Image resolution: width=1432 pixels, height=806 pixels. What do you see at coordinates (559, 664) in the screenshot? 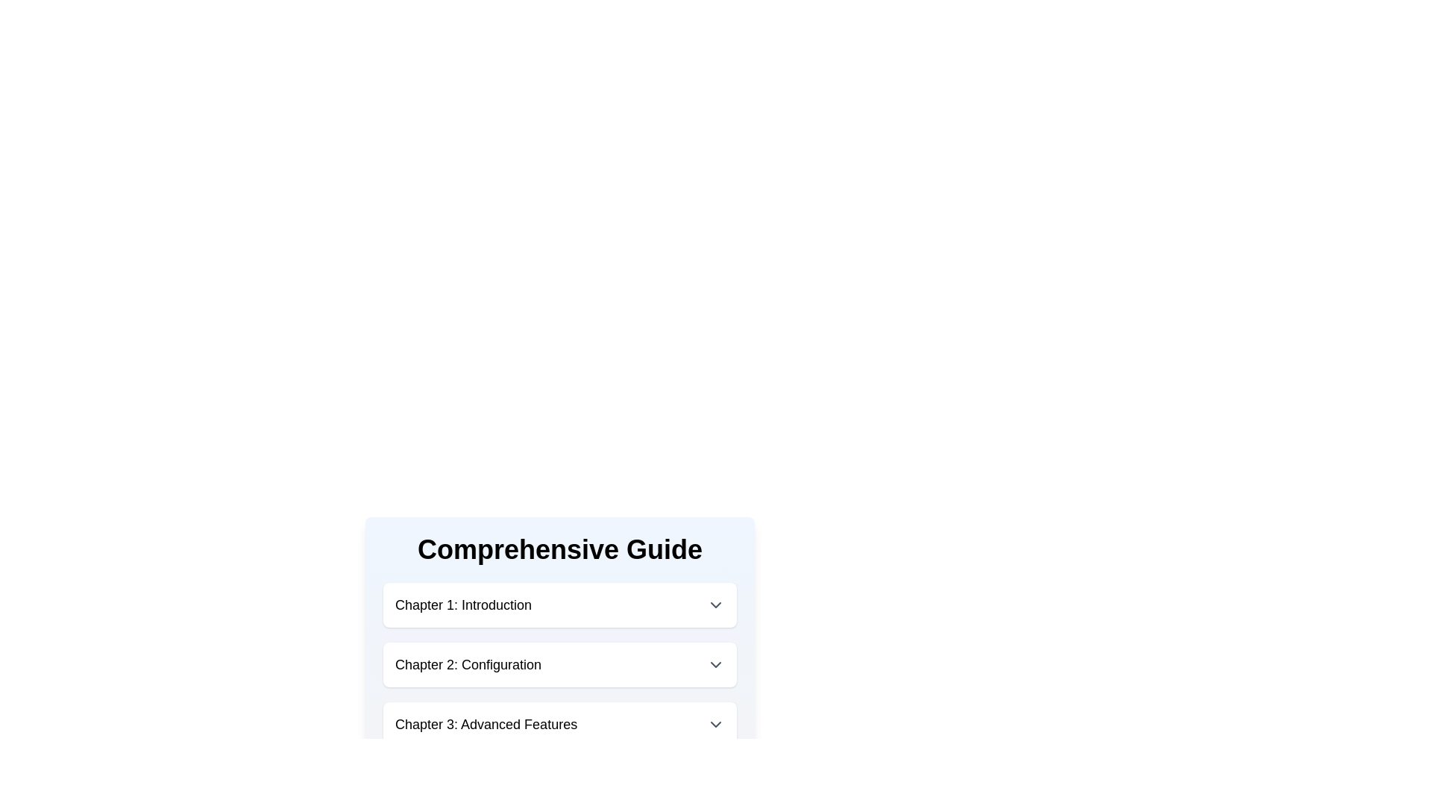
I see `the Accordion header labeled 'Chapter 2: Configuration' for navigation` at bounding box center [559, 664].